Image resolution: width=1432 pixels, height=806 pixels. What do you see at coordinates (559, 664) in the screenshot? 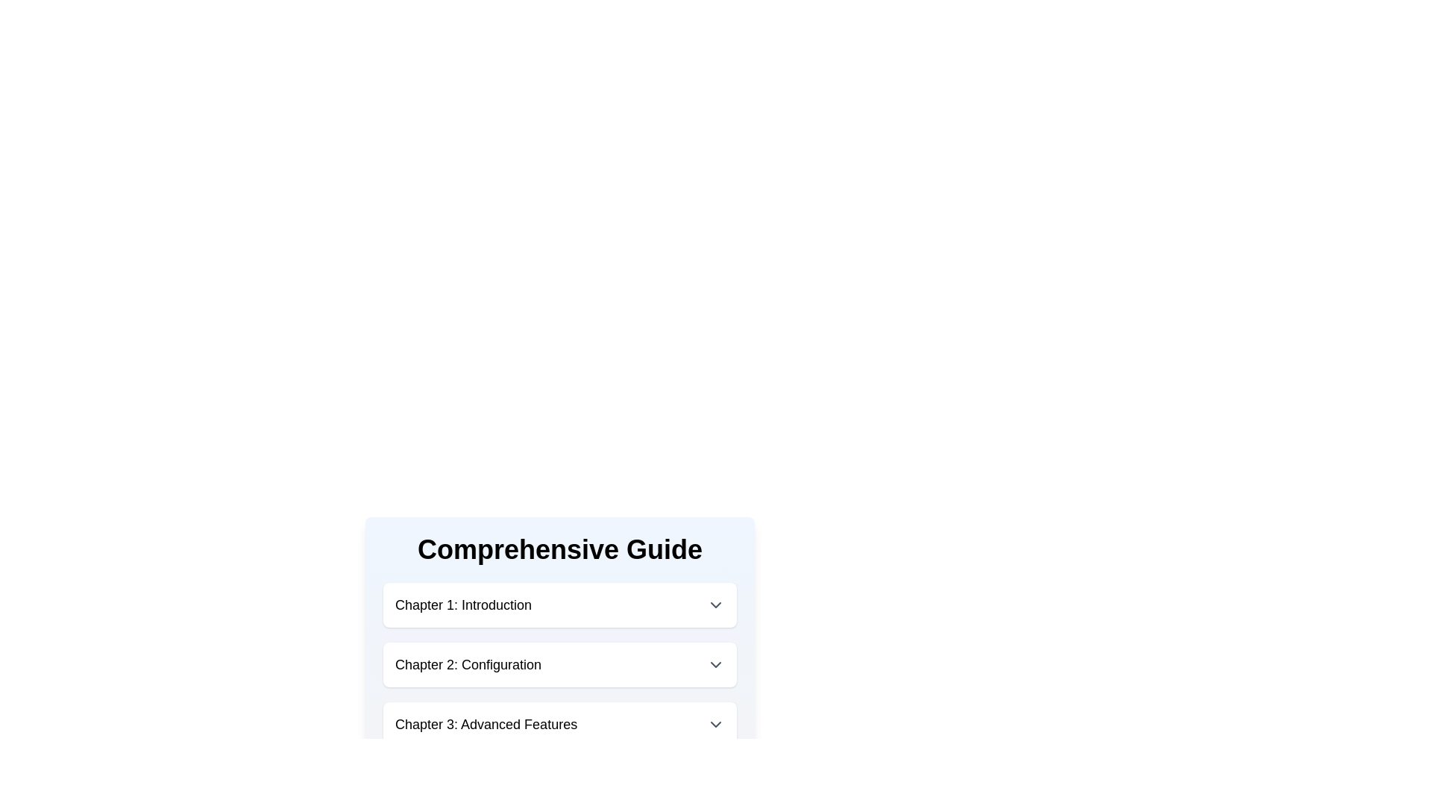
I see `the Accordion header labeled 'Chapter 2: Configuration' for navigation` at bounding box center [559, 664].